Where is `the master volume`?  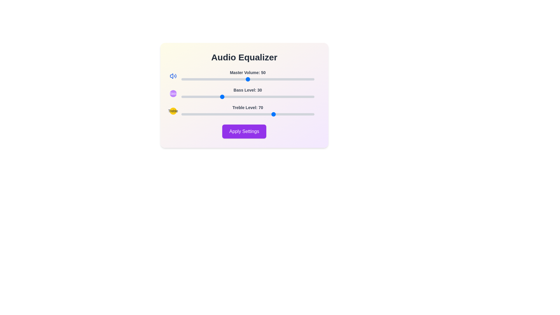 the master volume is located at coordinates (208, 79).